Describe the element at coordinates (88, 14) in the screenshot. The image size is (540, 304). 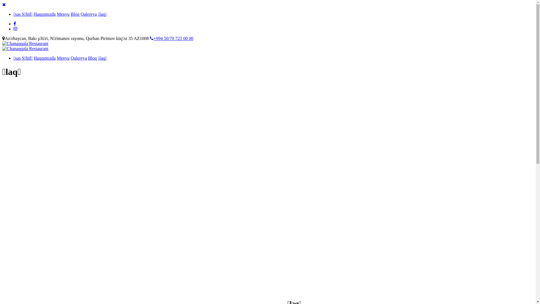
I see `'Qalereya'` at that location.